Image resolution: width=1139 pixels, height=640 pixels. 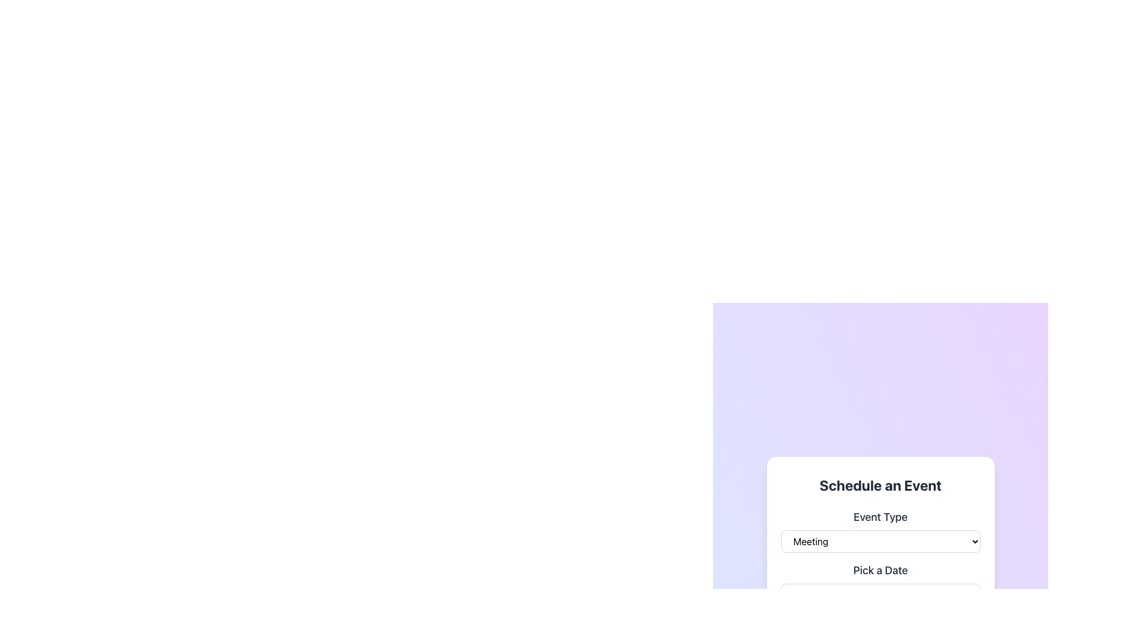 I want to click on an option from the 'Event Type' dropdown menu located in the 'Schedule an Event' modal, which is identified by its white background and thin border, and includes a label above it reading 'Event Type', so click(x=880, y=530).